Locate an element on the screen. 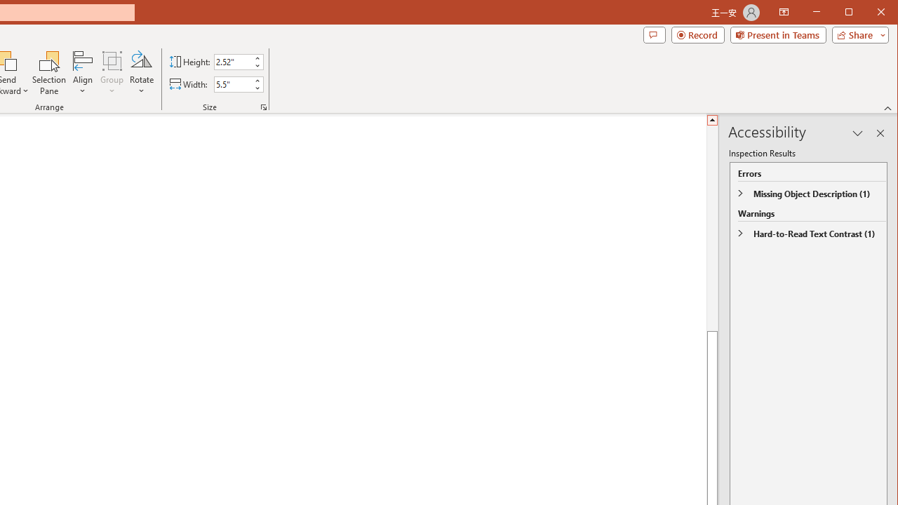  'Align' is located at coordinates (82, 73).